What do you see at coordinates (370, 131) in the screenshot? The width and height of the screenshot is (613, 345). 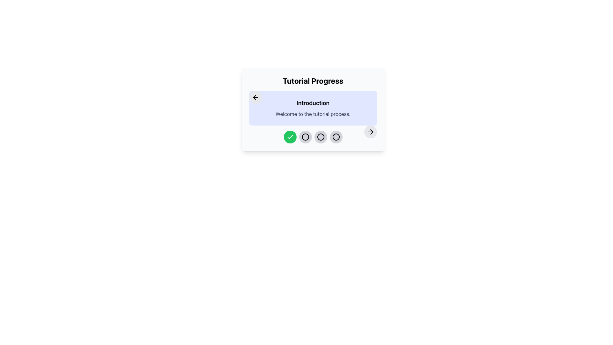 I see `the navigation button with an arrow icon located on the far-right side of the row of circular navigation controls to advance to the next stage in the tutorial process` at bounding box center [370, 131].